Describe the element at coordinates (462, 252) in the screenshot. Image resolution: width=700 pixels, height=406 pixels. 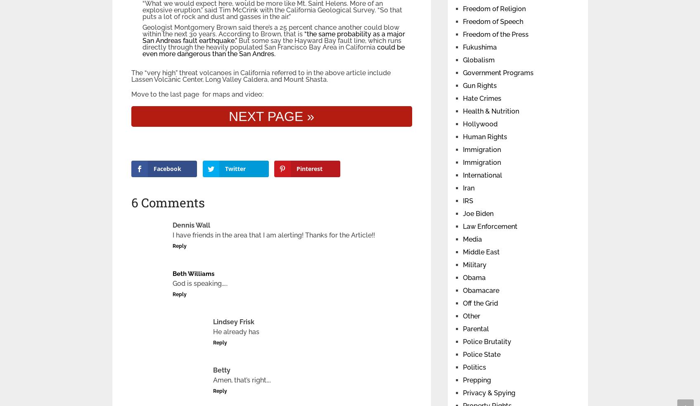
I see `'Middle East'` at that location.